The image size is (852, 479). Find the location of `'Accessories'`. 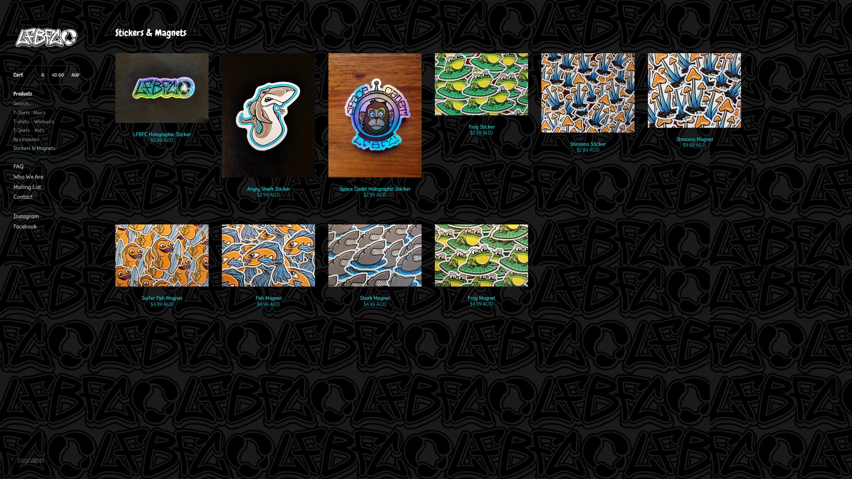

'Accessories' is located at coordinates (46, 139).